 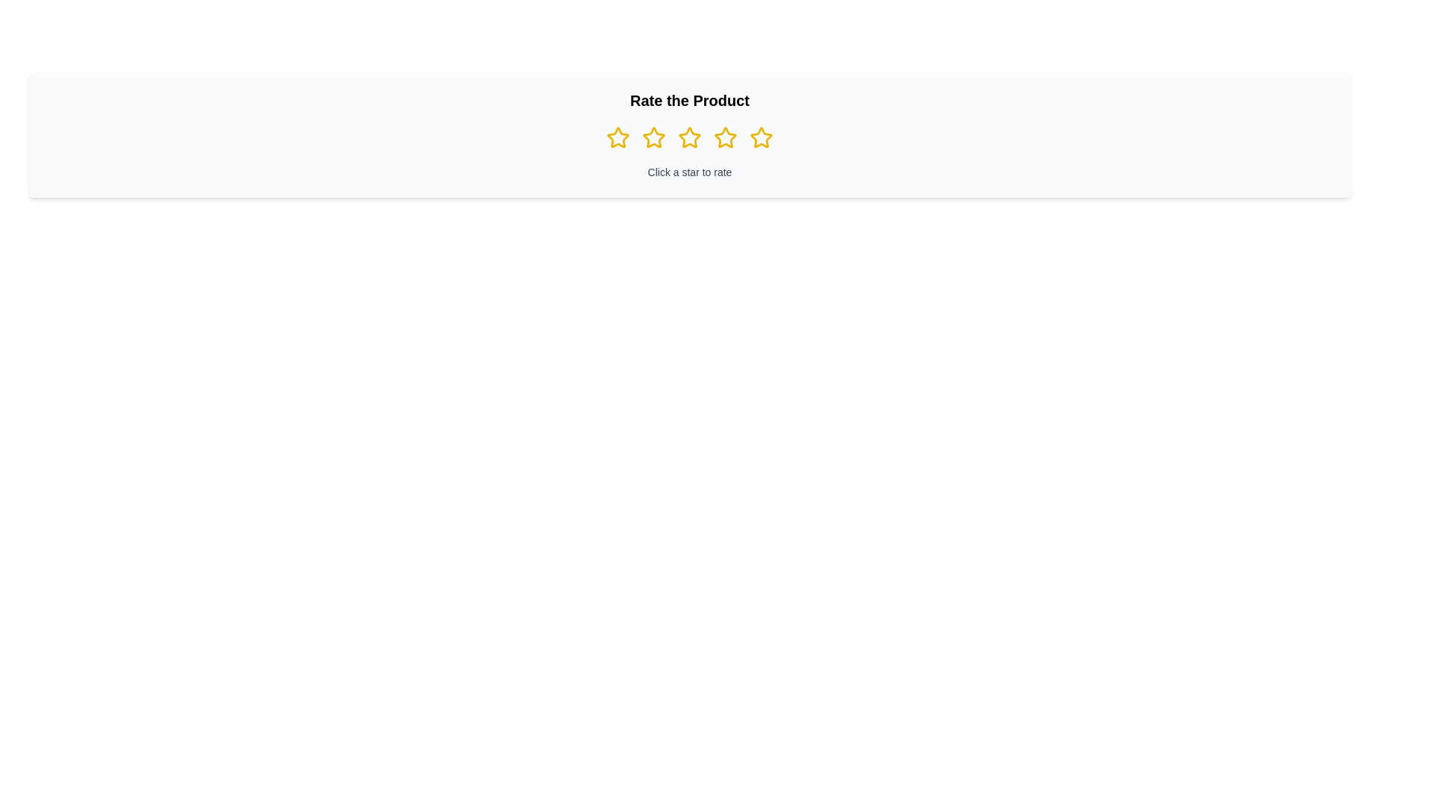 I want to click on the second star icon from the left in the horizontal row of five icons, so click(x=654, y=137).